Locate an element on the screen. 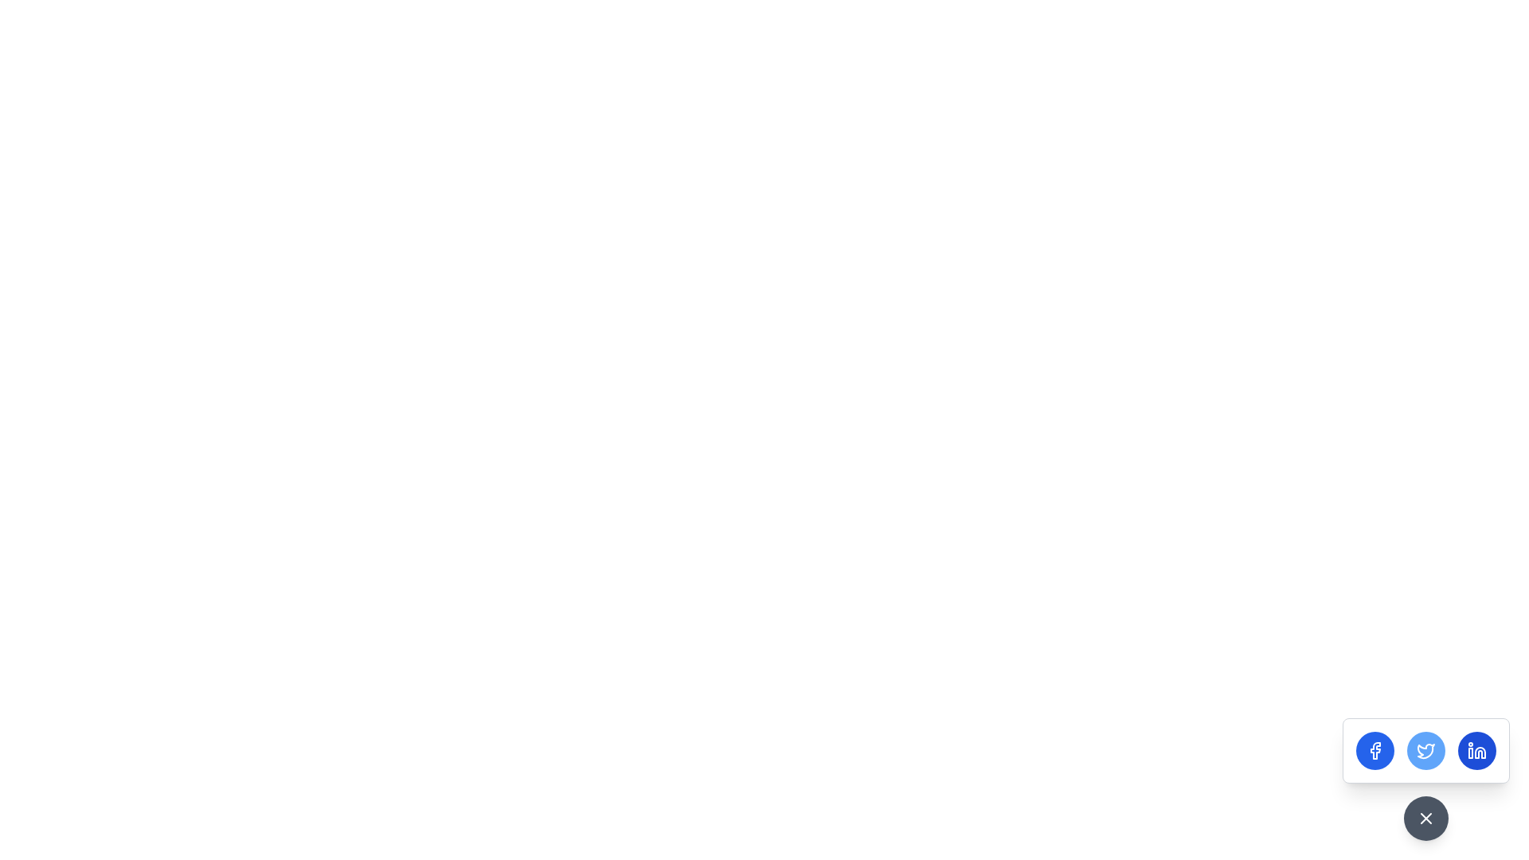 This screenshot has width=1529, height=860. the floating close button with a gray background and 'X' icon located at the bottom-right corner of the interface, directly beneath the social media buttons is located at coordinates (1425, 779).